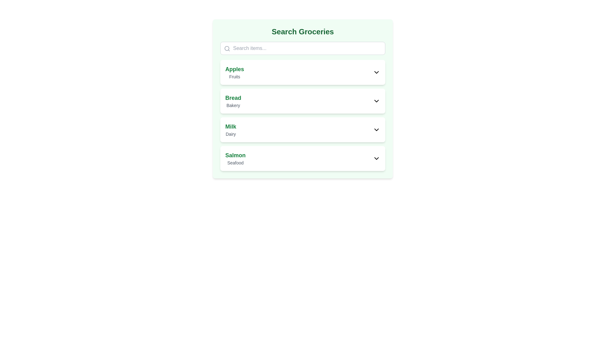  I want to click on the 'Salmon' label located in the fourth block under 'Seafood', positioned above a dropdown indicator, so click(235, 155).